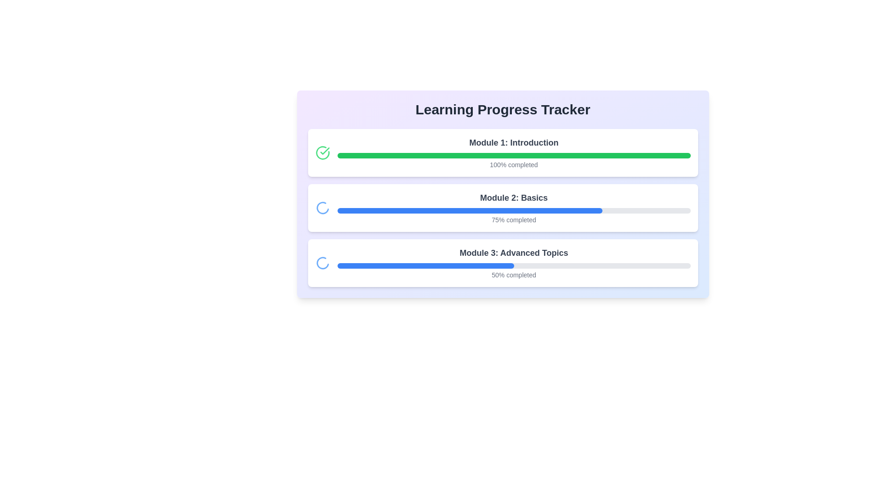 This screenshot has height=496, width=883. What do you see at coordinates (513, 197) in the screenshot?
I see `the text header 'Module 2: Basics', which is styled with a large bold gray font and is prominently displayed above the progress bar in the middle section of the progress tracker` at bounding box center [513, 197].